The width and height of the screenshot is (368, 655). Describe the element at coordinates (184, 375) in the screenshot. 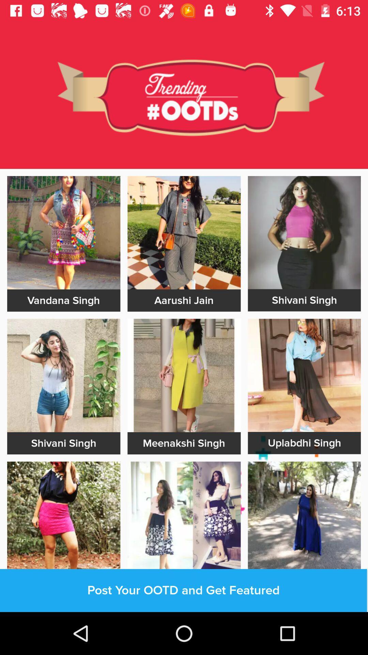

I see `photos editing` at that location.